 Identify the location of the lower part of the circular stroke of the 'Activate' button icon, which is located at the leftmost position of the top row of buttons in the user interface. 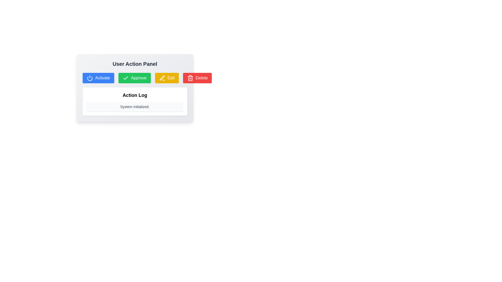
(90, 79).